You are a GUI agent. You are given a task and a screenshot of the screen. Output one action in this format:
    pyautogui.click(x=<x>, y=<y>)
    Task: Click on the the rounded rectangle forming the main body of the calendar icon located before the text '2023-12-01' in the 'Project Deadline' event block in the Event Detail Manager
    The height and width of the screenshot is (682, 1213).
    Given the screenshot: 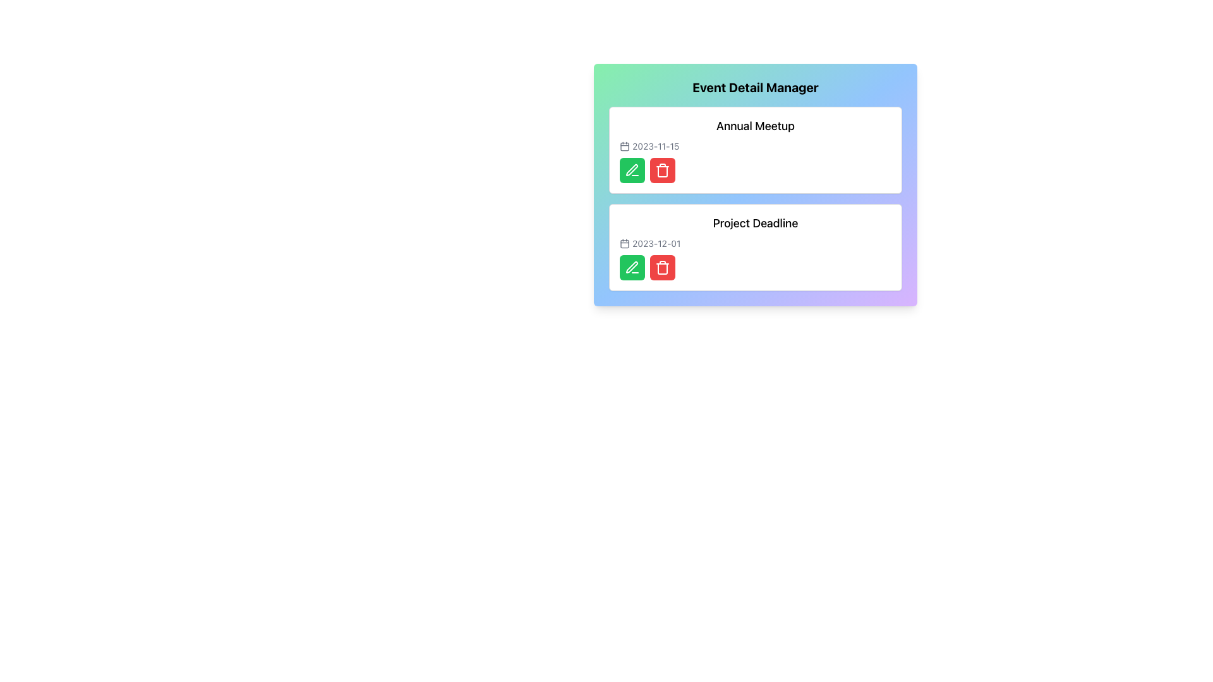 What is the action you would take?
    pyautogui.click(x=624, y=243)
    